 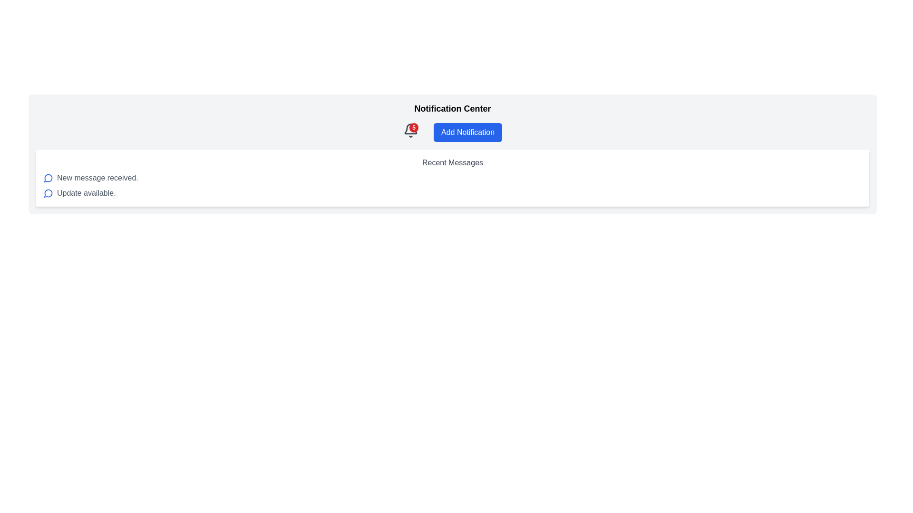 I want to click on the 'Add Notification' button with white text on a blue background, located in the 'Notification Center' interface, so click(x=452, y=132).